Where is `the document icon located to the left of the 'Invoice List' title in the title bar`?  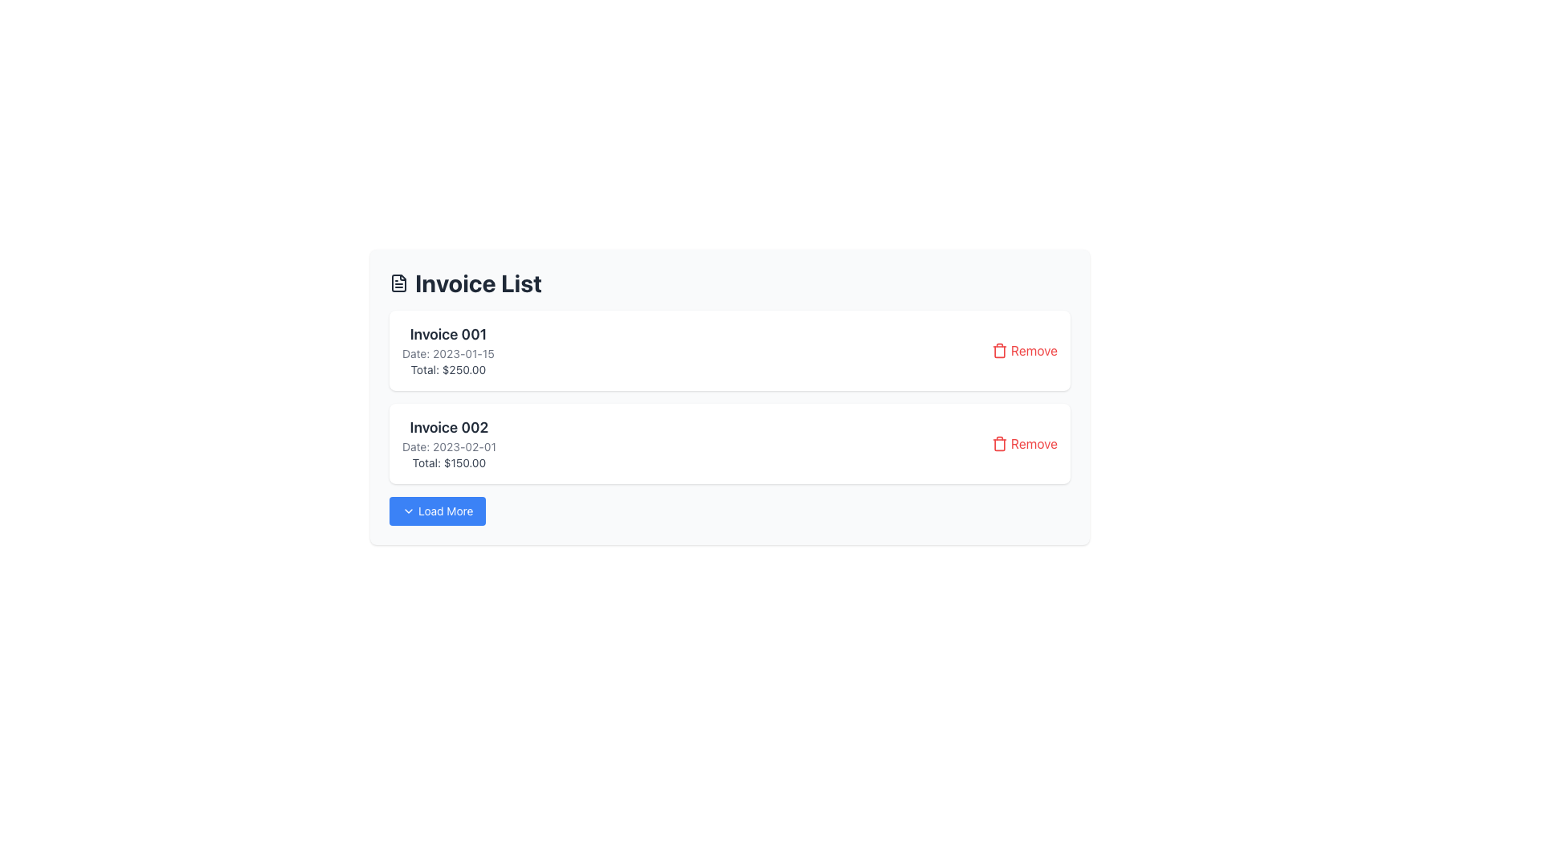
the document icon located to the left of the 'Invoice List' title in the title bar is located at coordinates (399, 283).